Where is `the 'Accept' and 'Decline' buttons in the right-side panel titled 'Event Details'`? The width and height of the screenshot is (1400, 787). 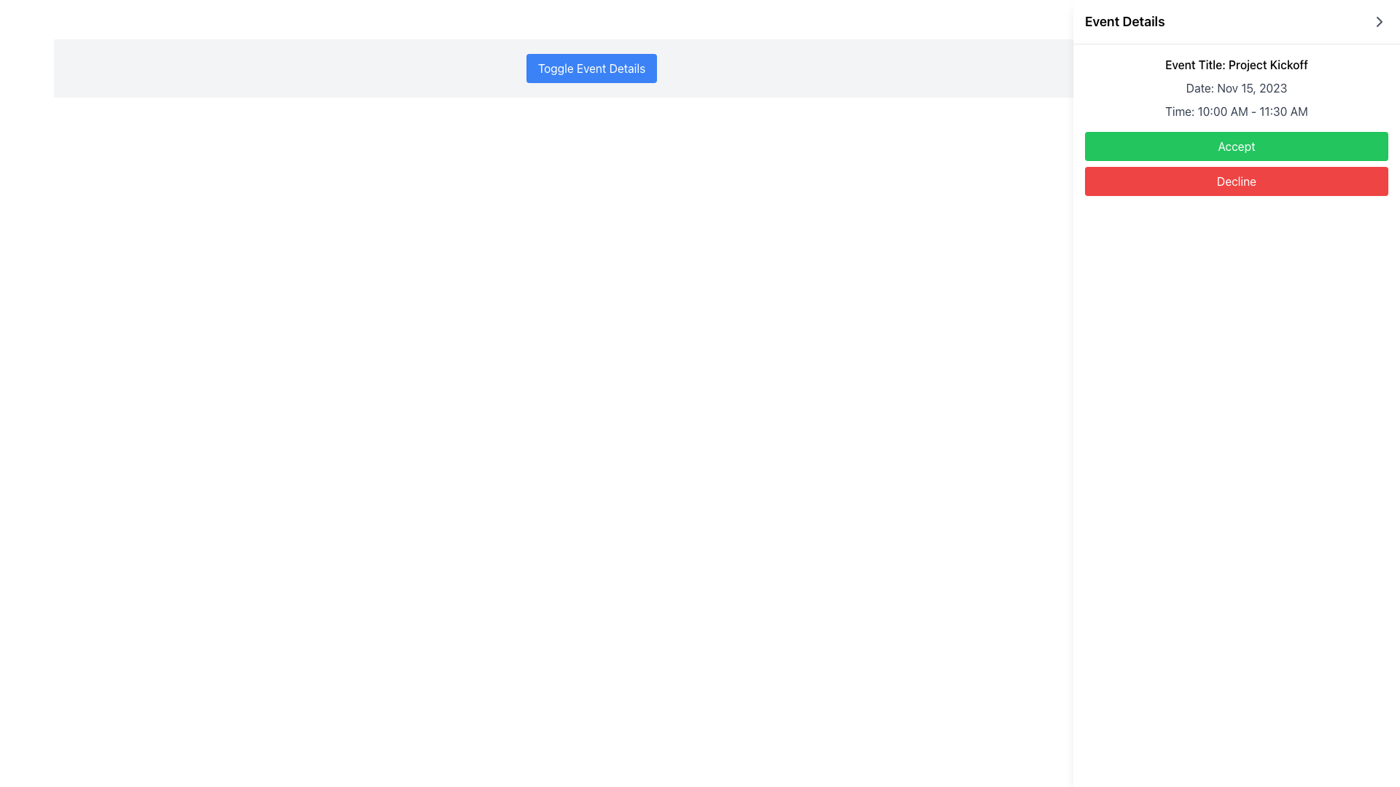 the 'Accept' and 'Decline' buttons in the right-side panel titled 'Event Details' is located at coordinates (1235, 163).